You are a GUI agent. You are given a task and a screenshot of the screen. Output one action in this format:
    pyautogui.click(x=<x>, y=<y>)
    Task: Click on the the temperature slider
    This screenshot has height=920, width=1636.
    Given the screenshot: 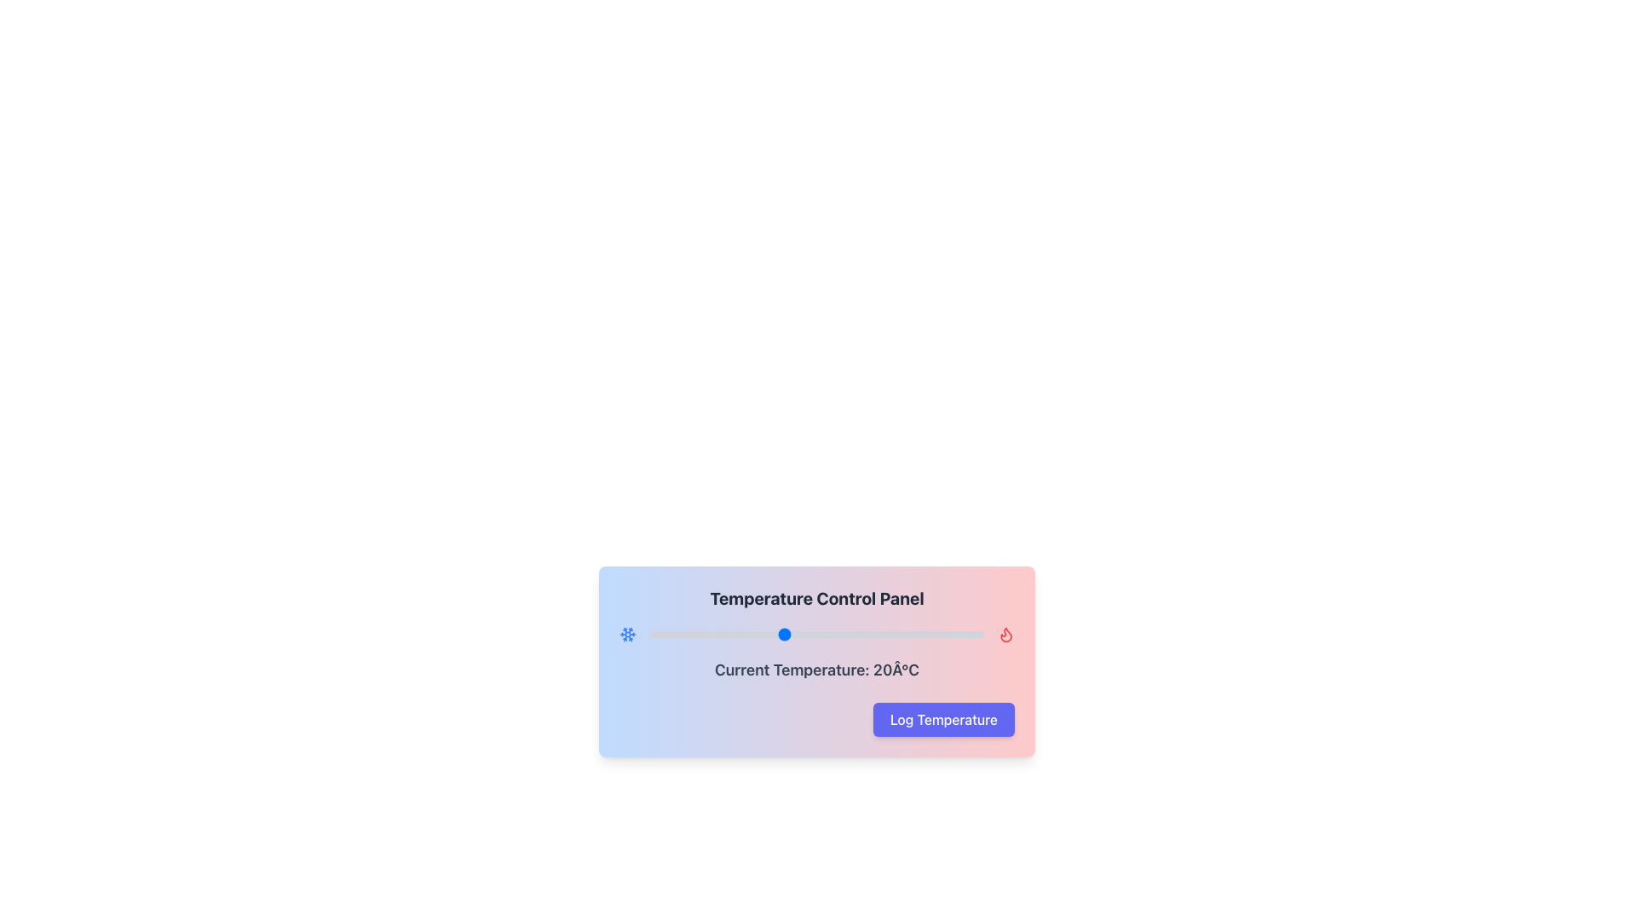 What is the action you would take?
    pyautogui.click(x=730, y=634)
    